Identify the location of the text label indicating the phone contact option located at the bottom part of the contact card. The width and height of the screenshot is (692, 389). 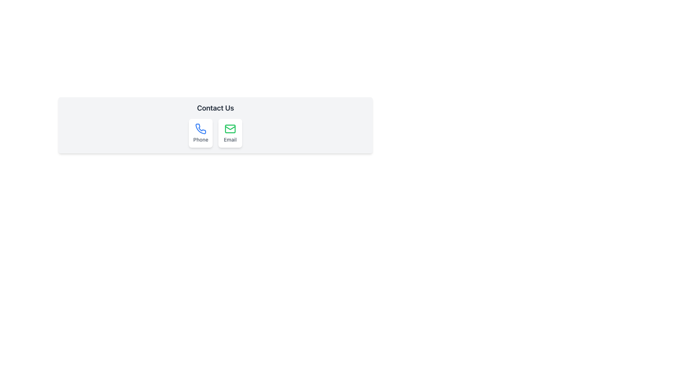
(201, 140).